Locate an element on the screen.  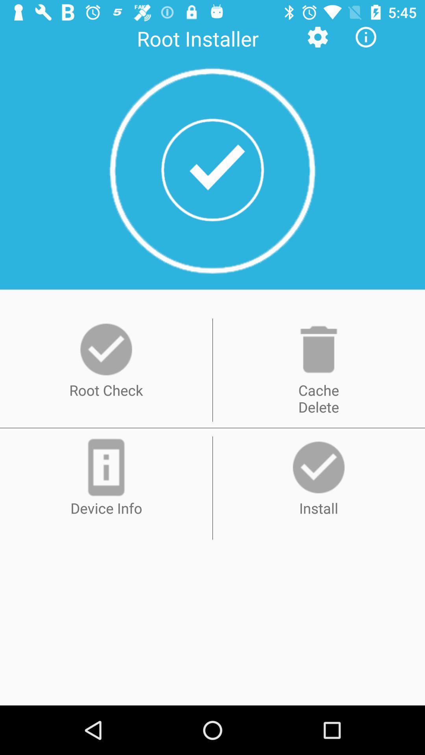
icon next to root installer icon is located at coordinates (317, 37).